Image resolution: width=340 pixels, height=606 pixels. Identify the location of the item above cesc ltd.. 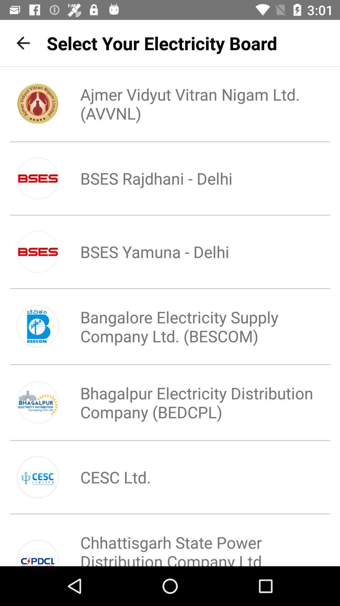
(191, 402).